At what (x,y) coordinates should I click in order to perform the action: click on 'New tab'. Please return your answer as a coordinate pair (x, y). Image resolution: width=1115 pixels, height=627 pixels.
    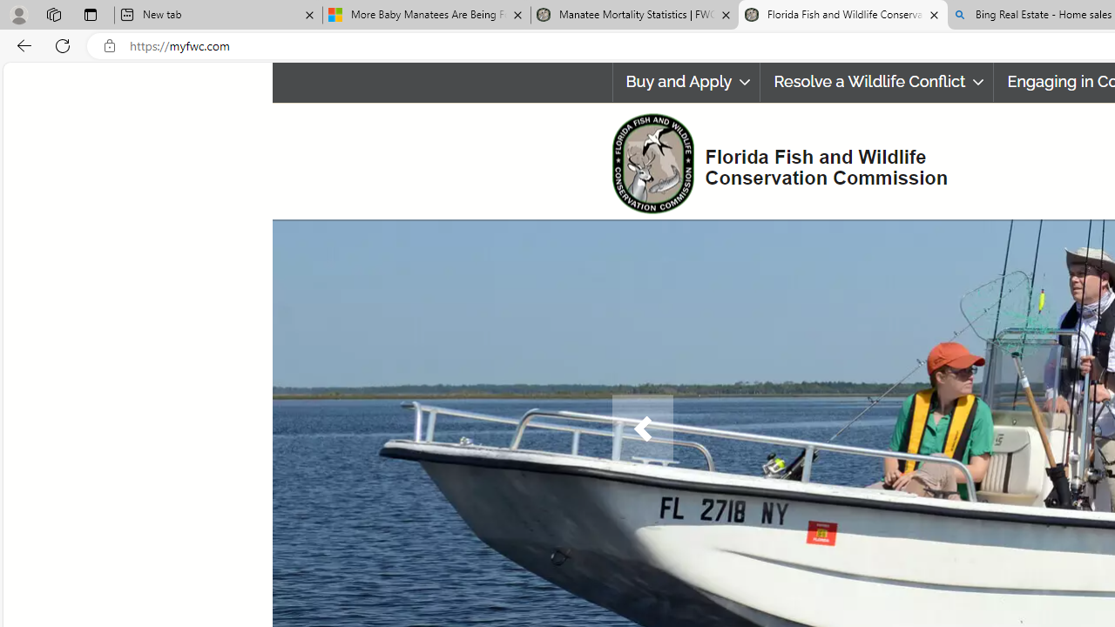
    Looking at the image, I should click on (217, 15).